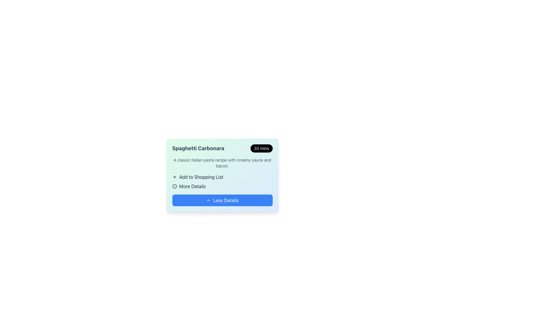  I want to click on the 'Add to Shopping List' button-like text element with a plus icon, so click(222, 176).